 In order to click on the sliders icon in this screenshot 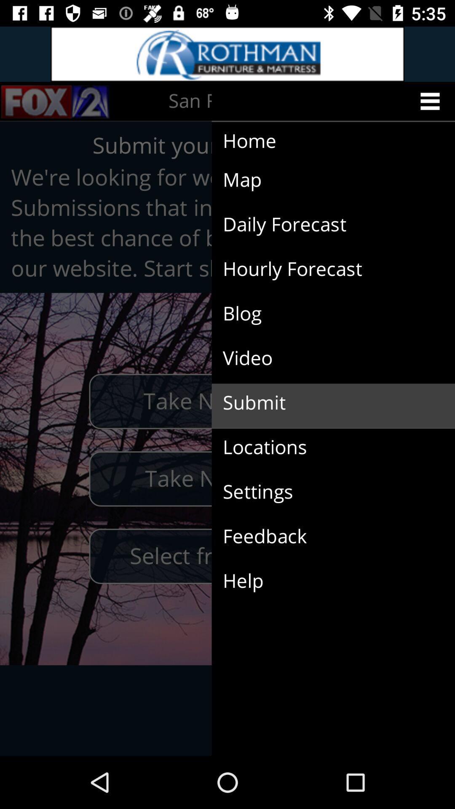, I will do `click(55, 101)`.